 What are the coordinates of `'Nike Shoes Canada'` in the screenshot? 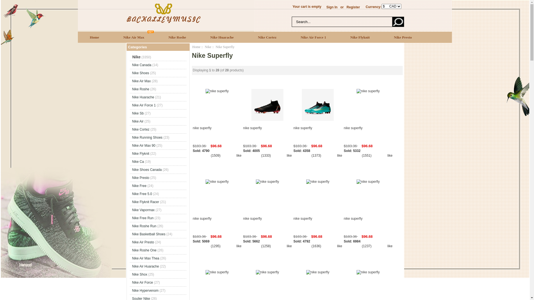 It's located at (147, 169).